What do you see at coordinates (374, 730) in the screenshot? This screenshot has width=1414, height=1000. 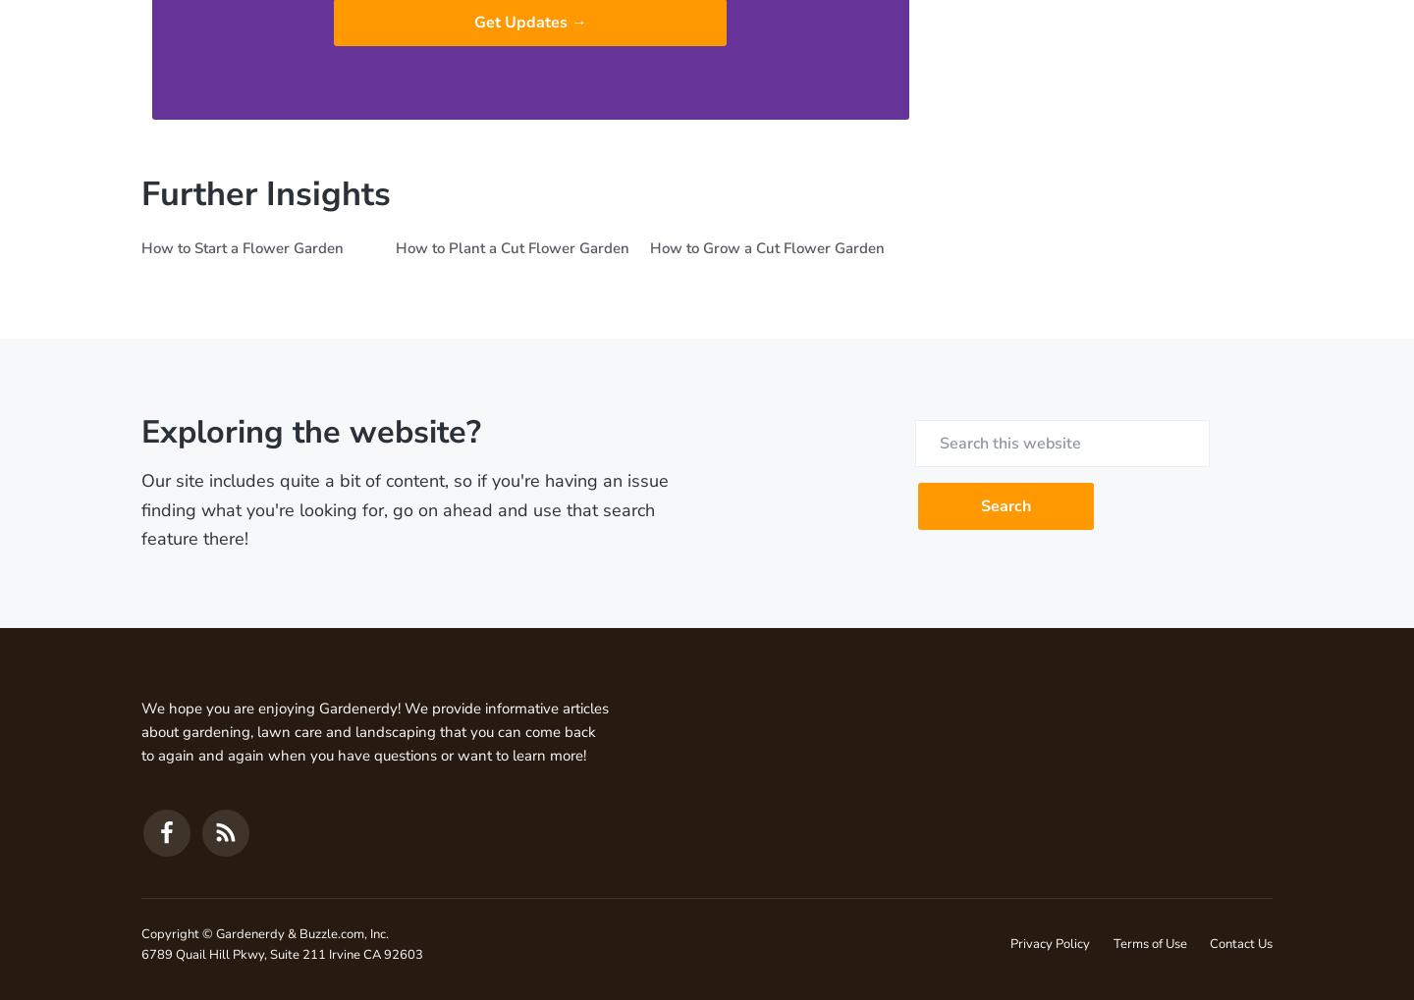 I see `'We hope you are enjoying Gardenerdy! We provide informative articles about gardening, lawn care and landscaping that you can come back to again and again when you have questions or want to learn more!'` at bounding box center [374, 730].